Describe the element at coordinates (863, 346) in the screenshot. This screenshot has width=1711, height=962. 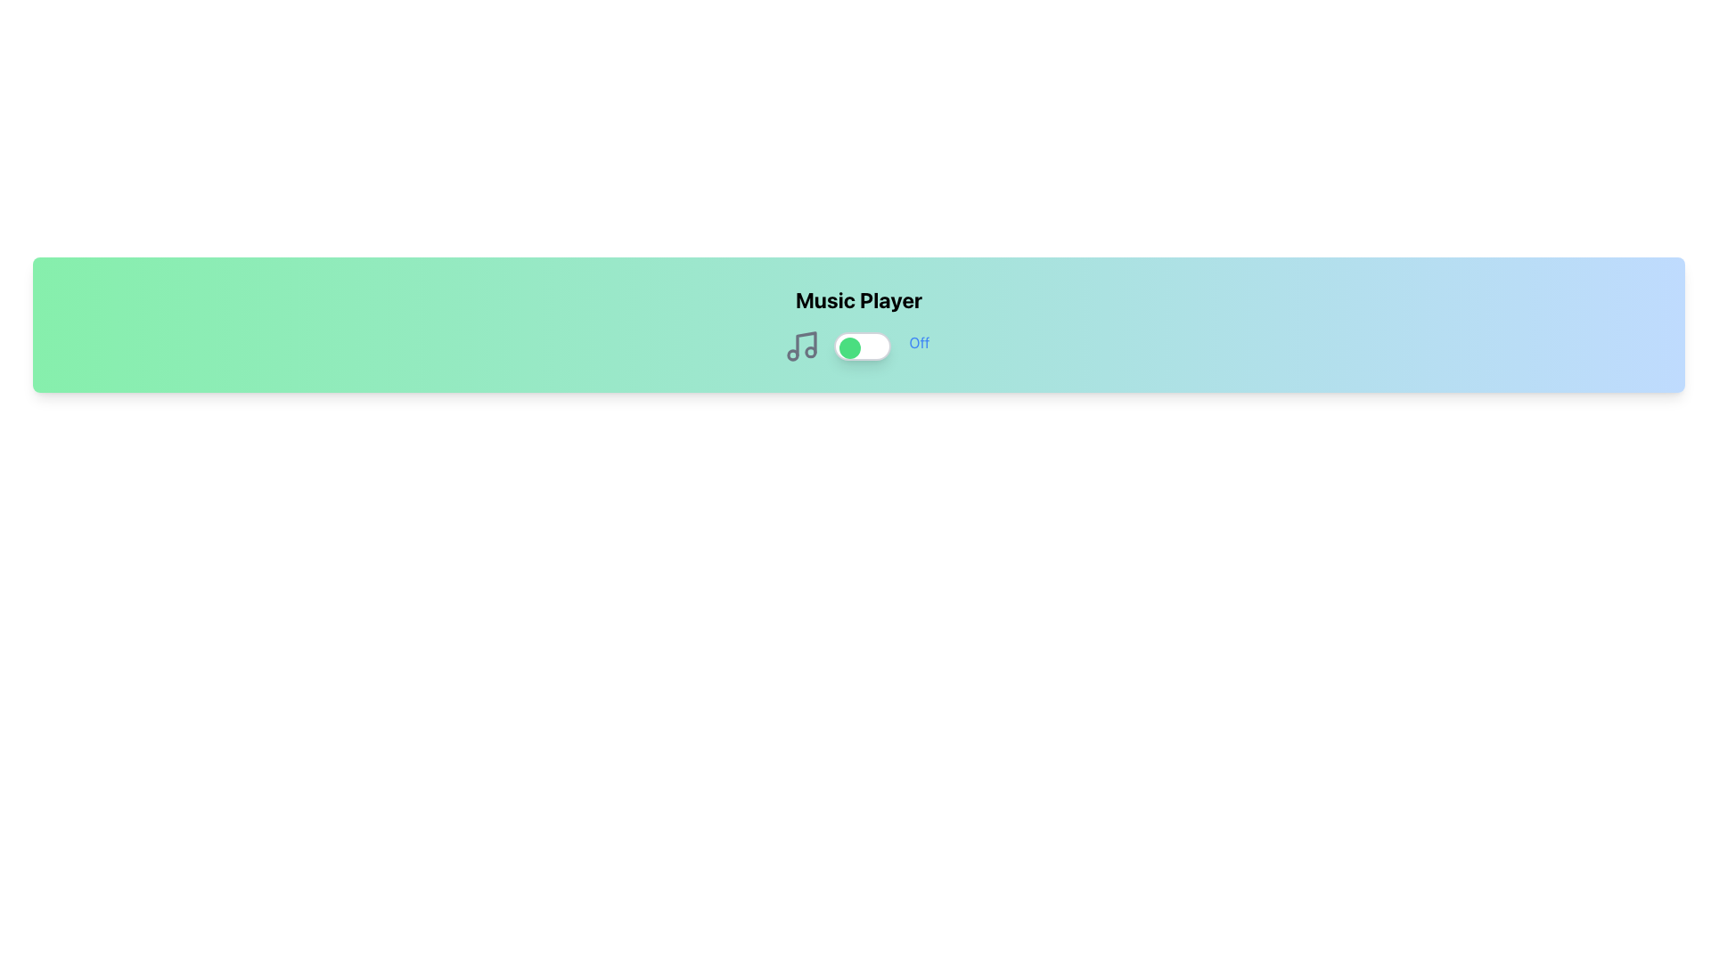
I see `the toggle switch that enables or disables a specific feature, located between a music icon and an 'Off' label, for keyboard navigation` at that location.